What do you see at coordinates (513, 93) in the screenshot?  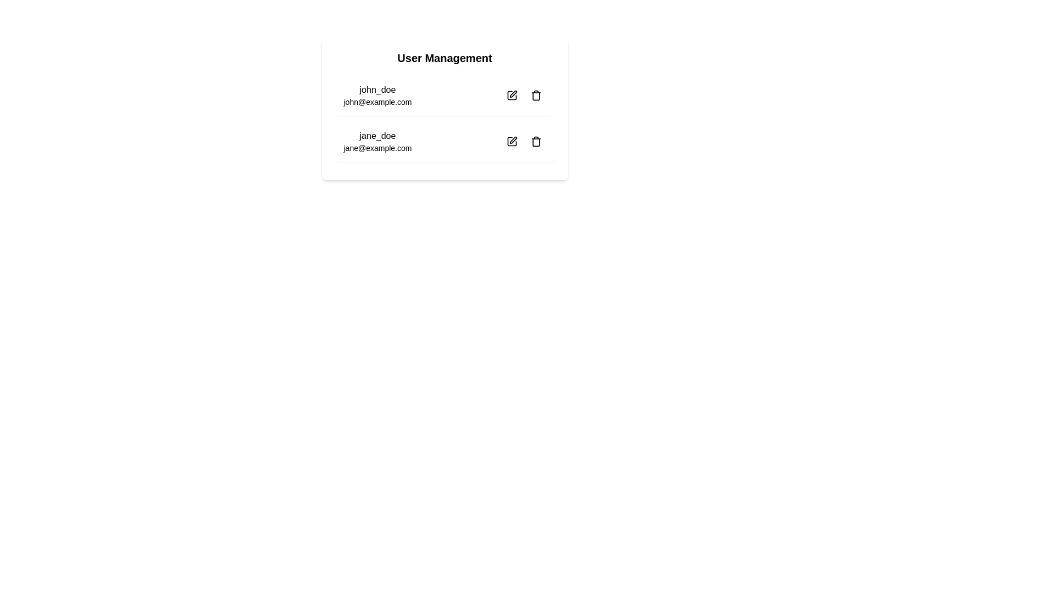 I see `the edit icon located next to the 'john_doe' user entry in the user management interface` at bounding box center [513, 93].